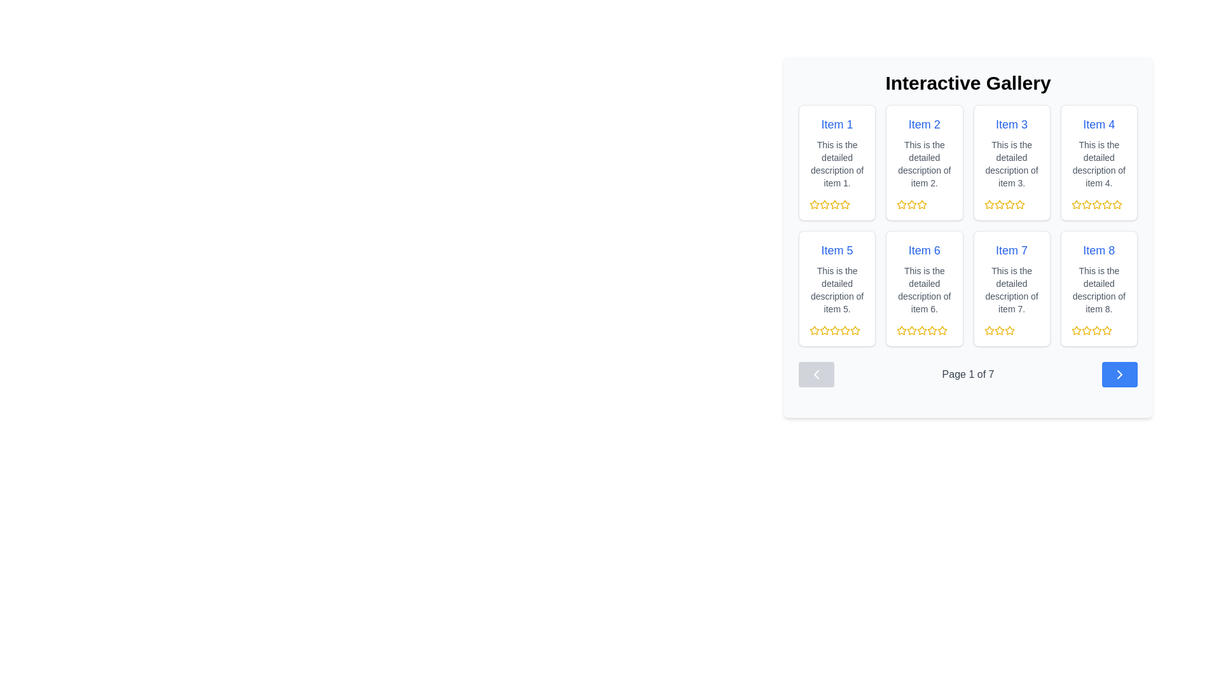 The height and width of the screenshot is (687, 1221). Describe the element at coordinates (1106, 330) in the screenshot. I see `the fifth star icon in the rating section under 'Item 8' to adjust the rating` at that location.